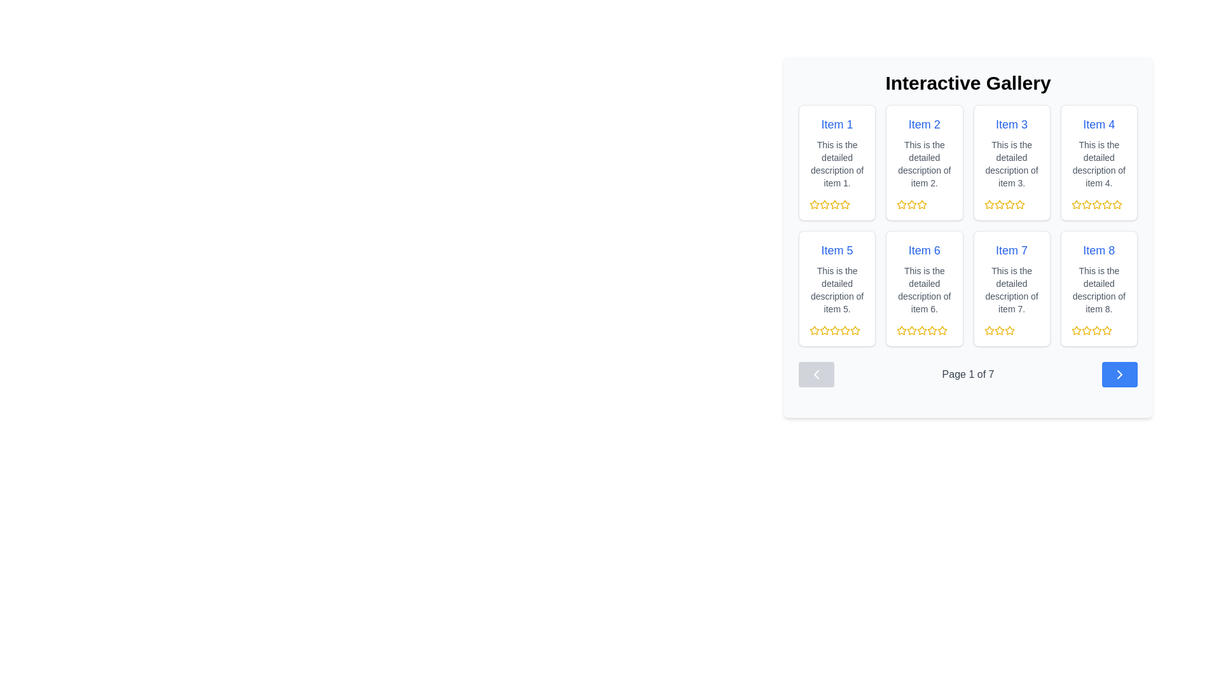 The height and width of the screenshot is (687, 1221). Describe the element at coordinates (1106, 330) in the screenshot. I see `the fifth star icon in the rating section under 'Item 8' to adjust the rating` at that location.